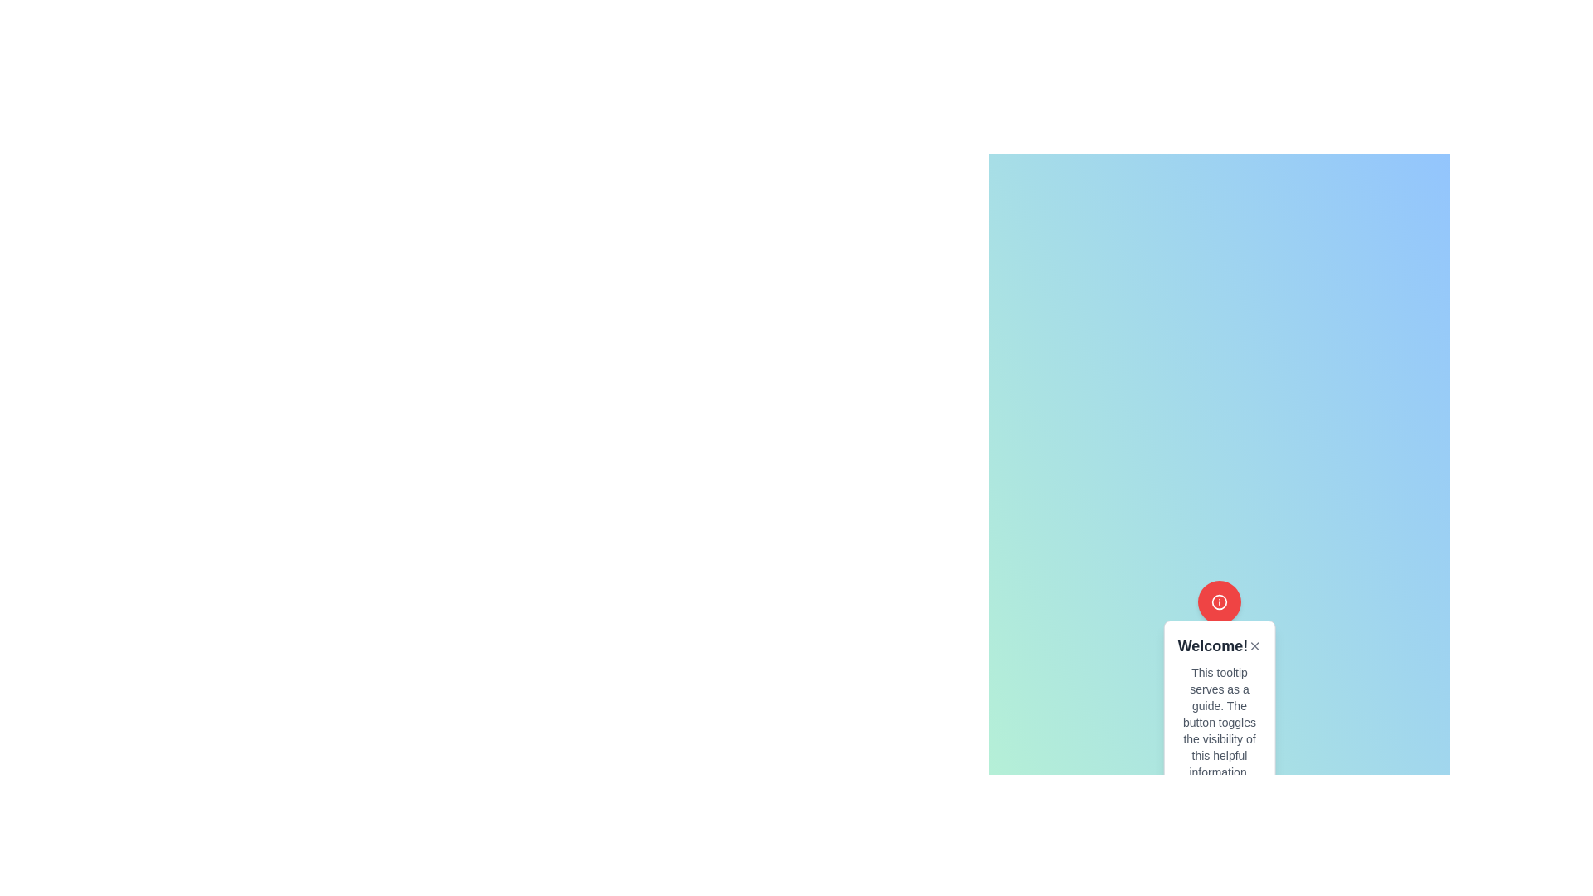 This screenshot has width=1593, height=896. What do you see at coordinates (1219, 722) in the screenshot?
I see `the instructional text block with small gray font located within the tooltip dialog, directly below the heading 'Welcome!'` at bounding box center [1219, 722].